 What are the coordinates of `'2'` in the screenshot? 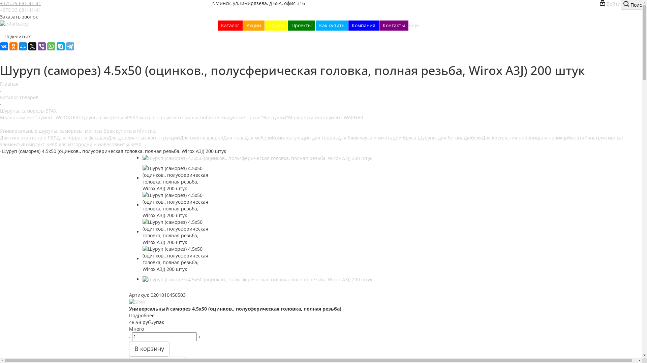 It's located at (138, 289).